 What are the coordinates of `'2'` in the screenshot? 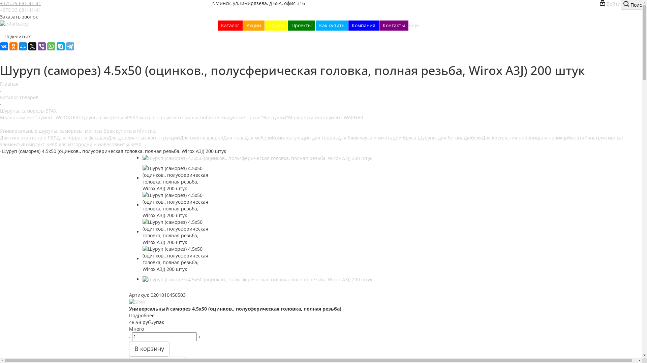 It's located at (138, 289).